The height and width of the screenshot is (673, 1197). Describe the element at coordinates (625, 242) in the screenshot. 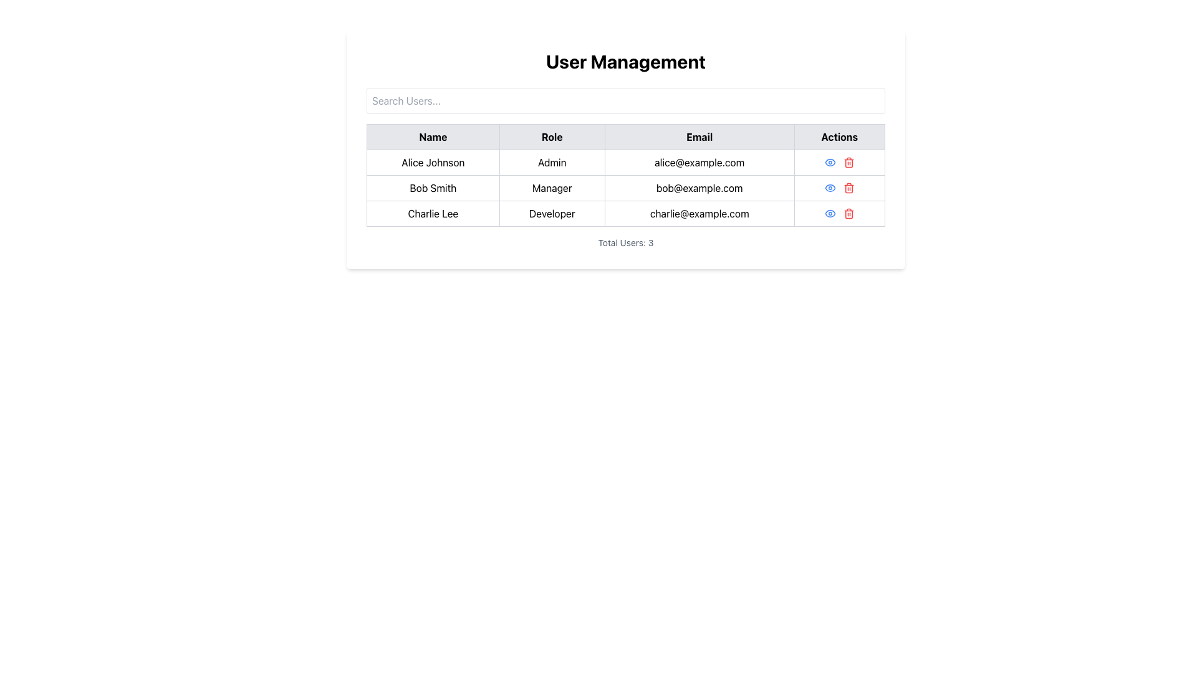

I see `text element displaying 'Total Users: 3', which is centered below a table in the user interface` at that location.